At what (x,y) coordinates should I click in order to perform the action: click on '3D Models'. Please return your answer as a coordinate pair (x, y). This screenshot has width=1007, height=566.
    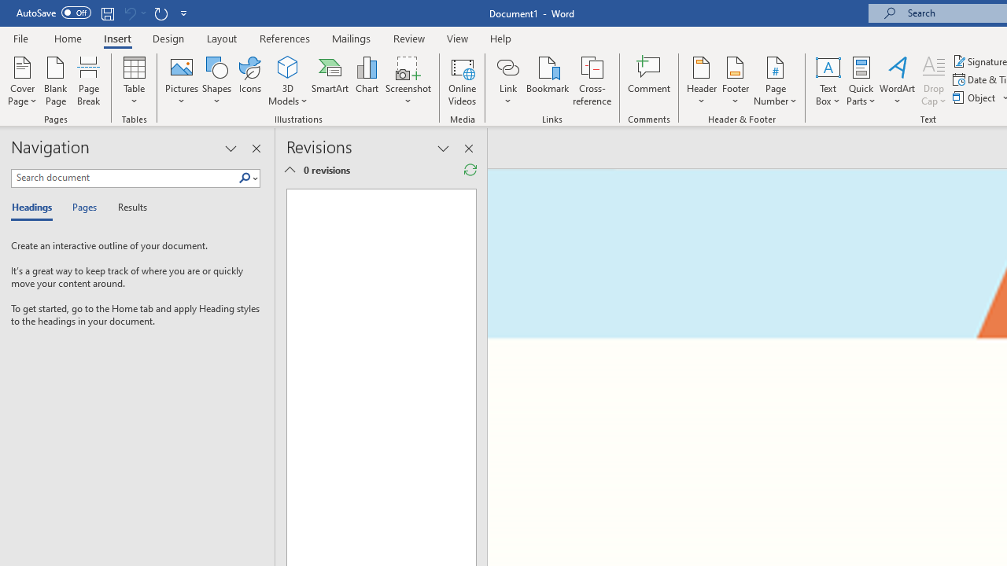
    Looking at the image, I should click on (288, 81).